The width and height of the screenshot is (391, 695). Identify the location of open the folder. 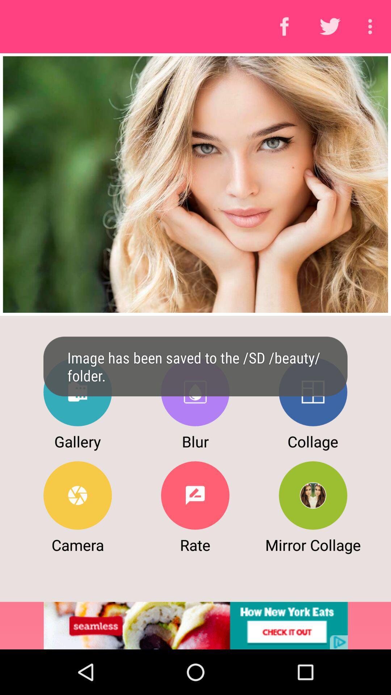
(77, 392).